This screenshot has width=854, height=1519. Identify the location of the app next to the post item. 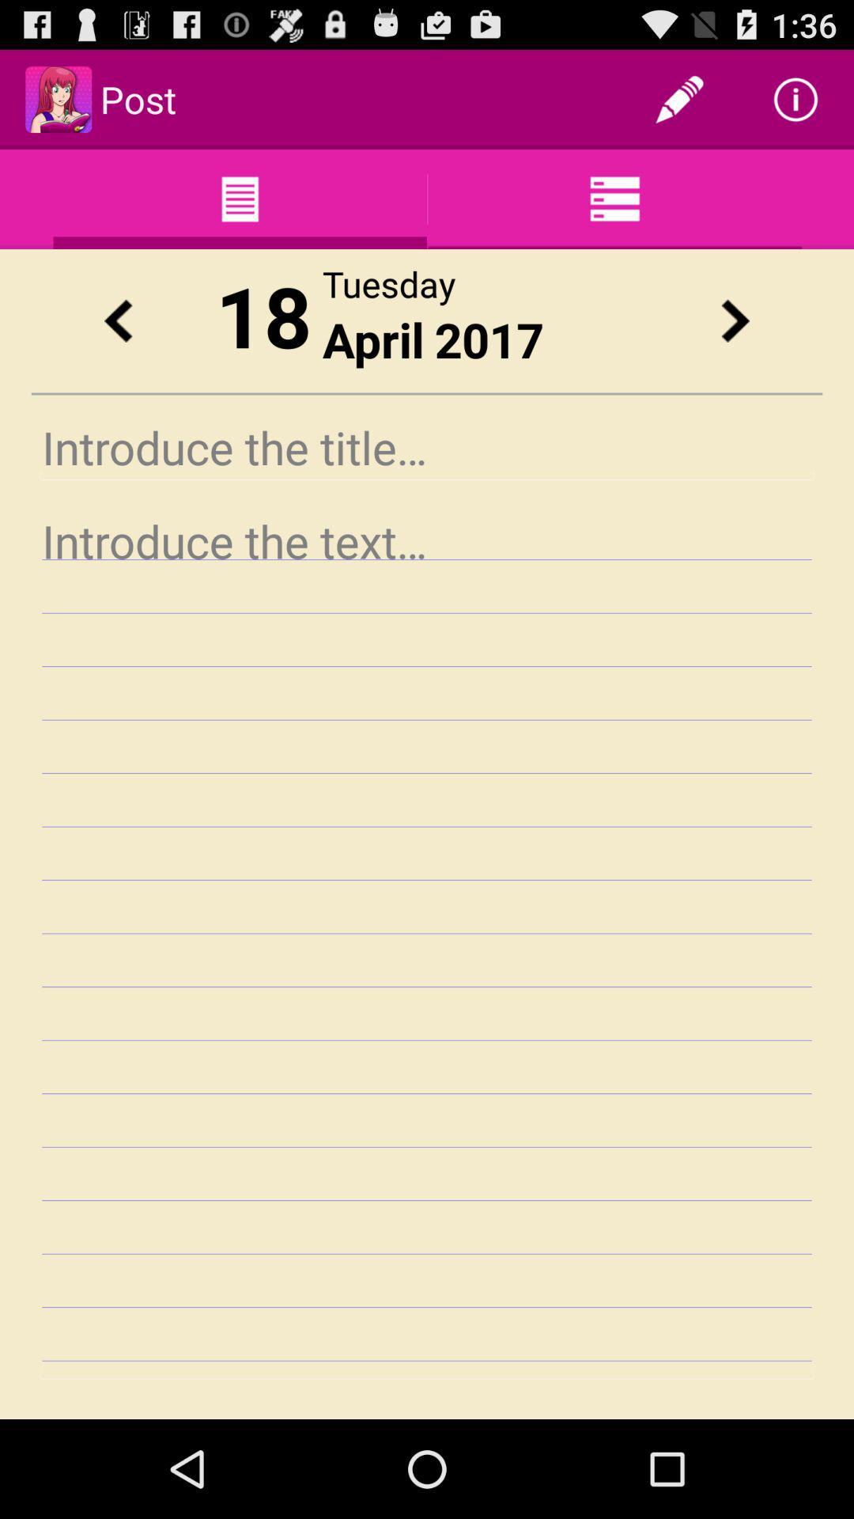
(678, 98).